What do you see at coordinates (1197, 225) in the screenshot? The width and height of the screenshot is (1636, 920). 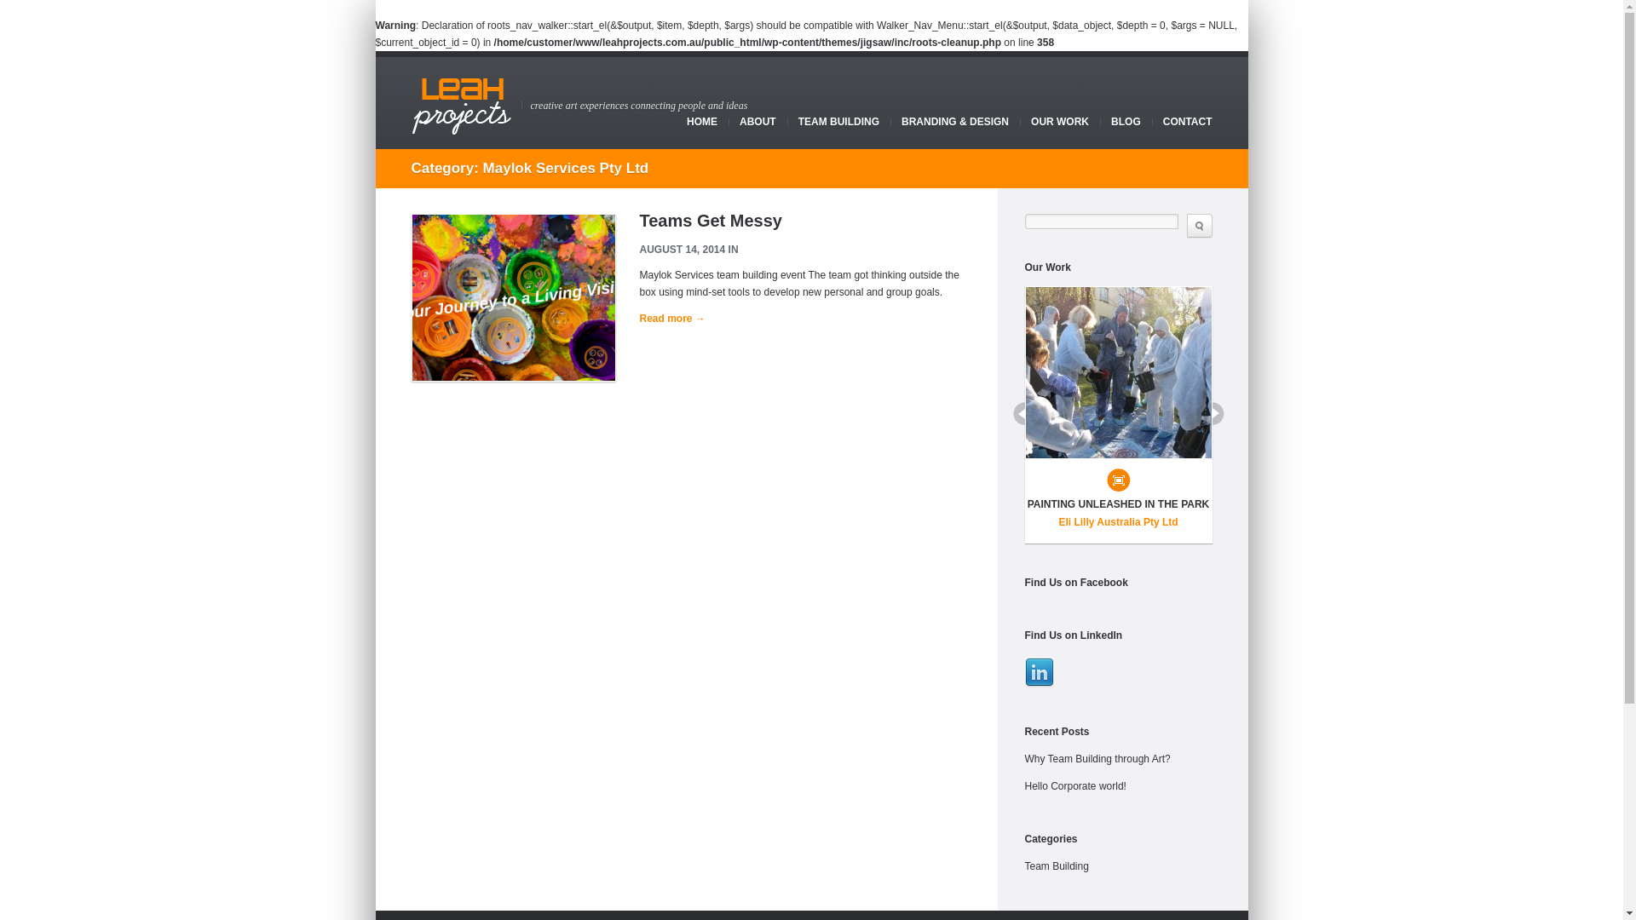 I see `'Search'` at bounding box center [1197, 225].